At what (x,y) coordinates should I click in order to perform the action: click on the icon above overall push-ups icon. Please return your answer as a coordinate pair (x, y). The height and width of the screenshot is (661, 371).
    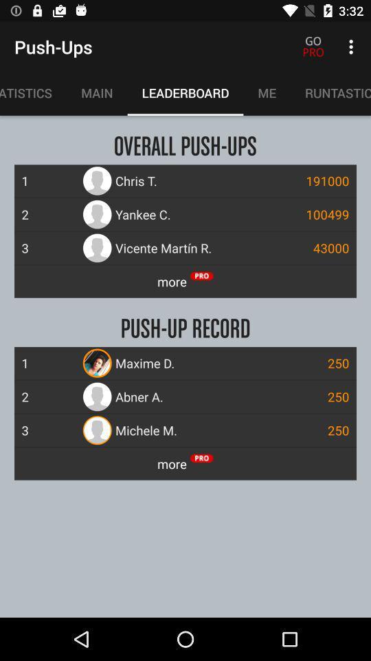
    Looking at the image, I should click on (267, 92).